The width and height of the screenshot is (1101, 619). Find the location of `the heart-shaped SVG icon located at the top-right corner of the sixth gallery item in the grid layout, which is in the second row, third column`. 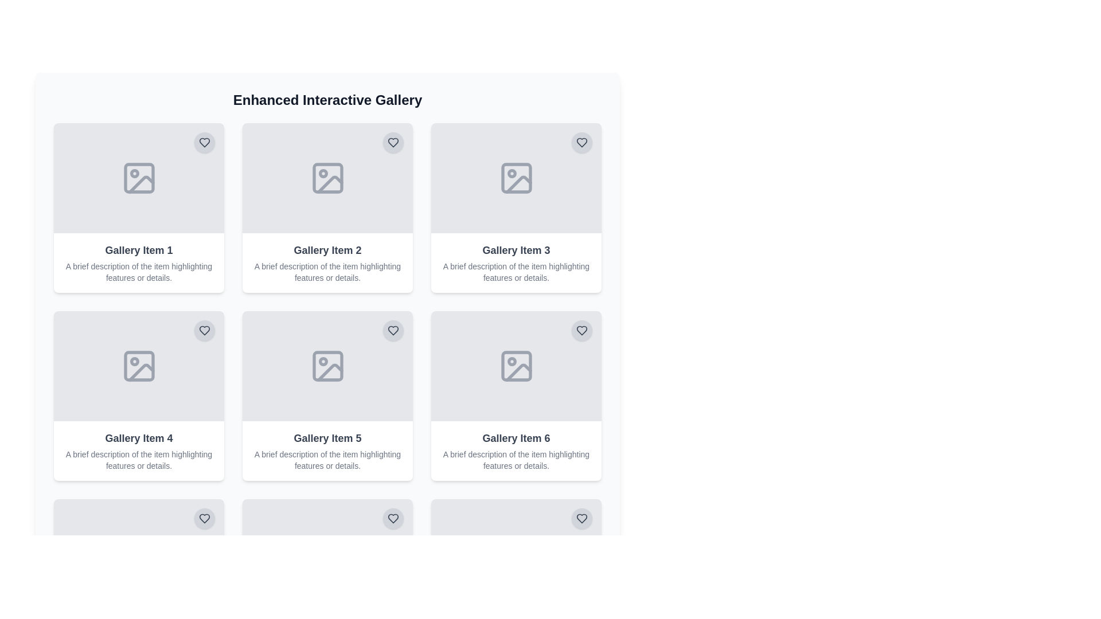

the heart-shaped SVG icon located at the top-right corner of the sixth gallery item in the grid layout, which is in the second row, third column is located at coordinates (581, 331).